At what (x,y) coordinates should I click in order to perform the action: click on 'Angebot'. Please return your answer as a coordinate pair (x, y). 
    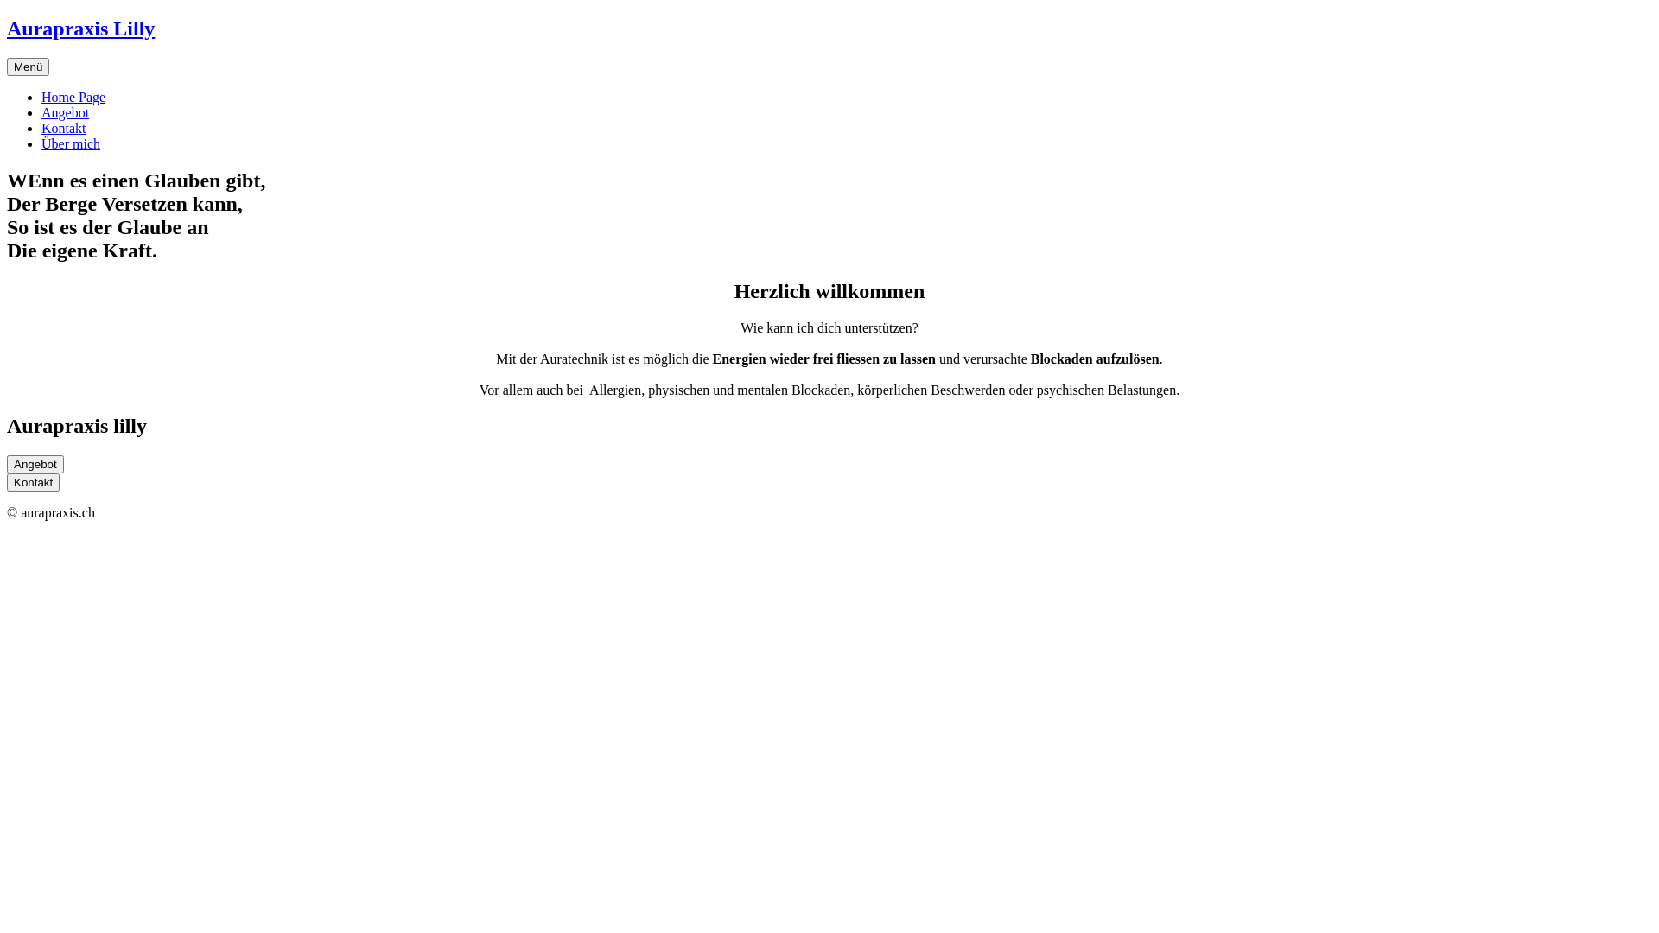
    Looking at the image, I should click on (65, 112).